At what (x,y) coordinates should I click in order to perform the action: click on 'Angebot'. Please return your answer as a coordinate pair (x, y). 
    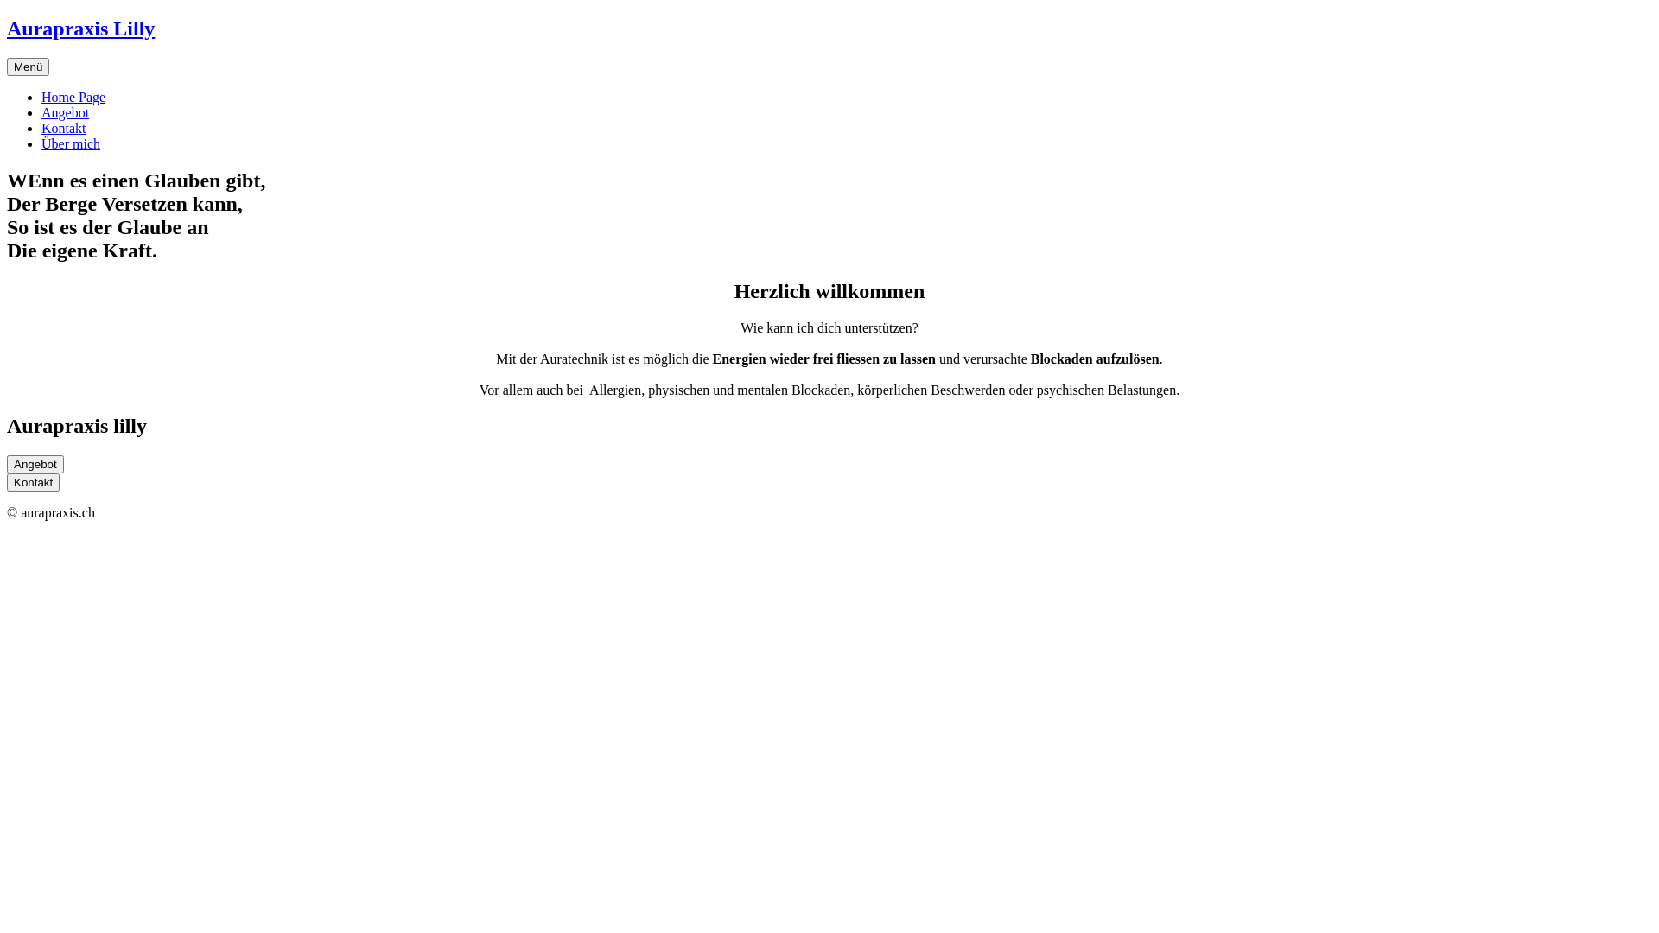
    Looking at the image, I should click on (65, 112).